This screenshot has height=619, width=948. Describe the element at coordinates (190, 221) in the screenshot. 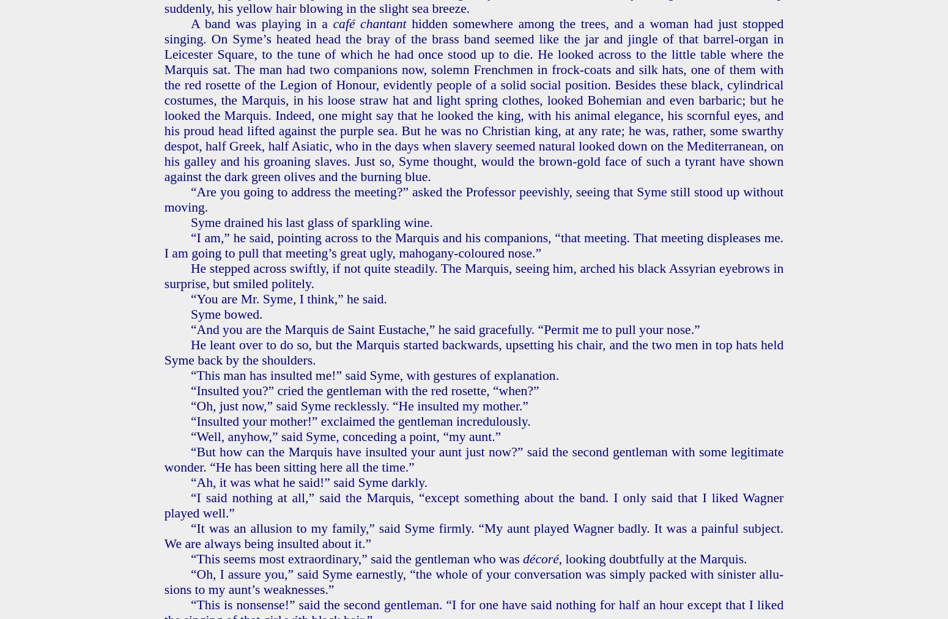

I see `'Syme drained his last glass of sparkling wine.'` at that location.